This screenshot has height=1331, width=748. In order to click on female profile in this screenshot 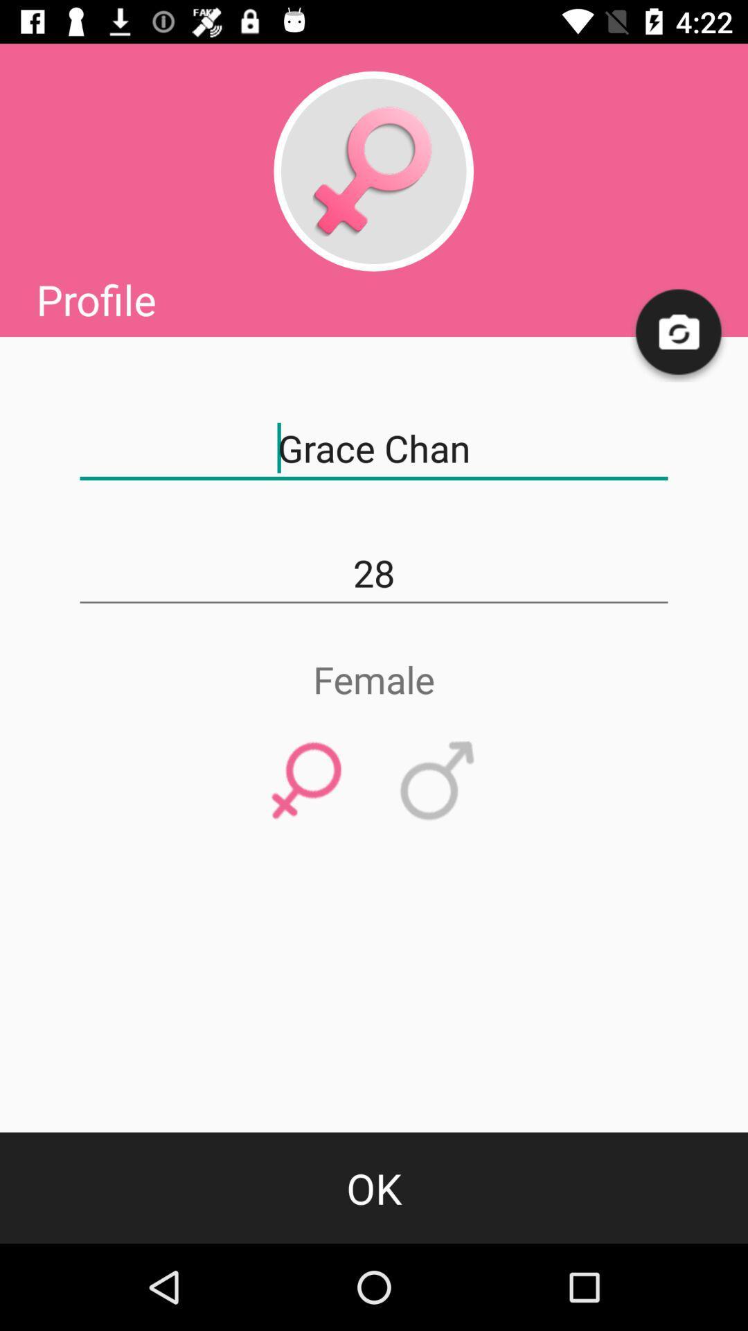, I will do `click(373, 171)`.